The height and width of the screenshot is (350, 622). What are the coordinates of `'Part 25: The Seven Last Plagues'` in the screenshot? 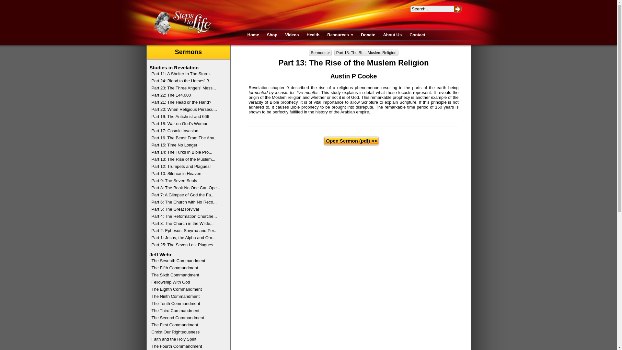 It's located at (186, 246).